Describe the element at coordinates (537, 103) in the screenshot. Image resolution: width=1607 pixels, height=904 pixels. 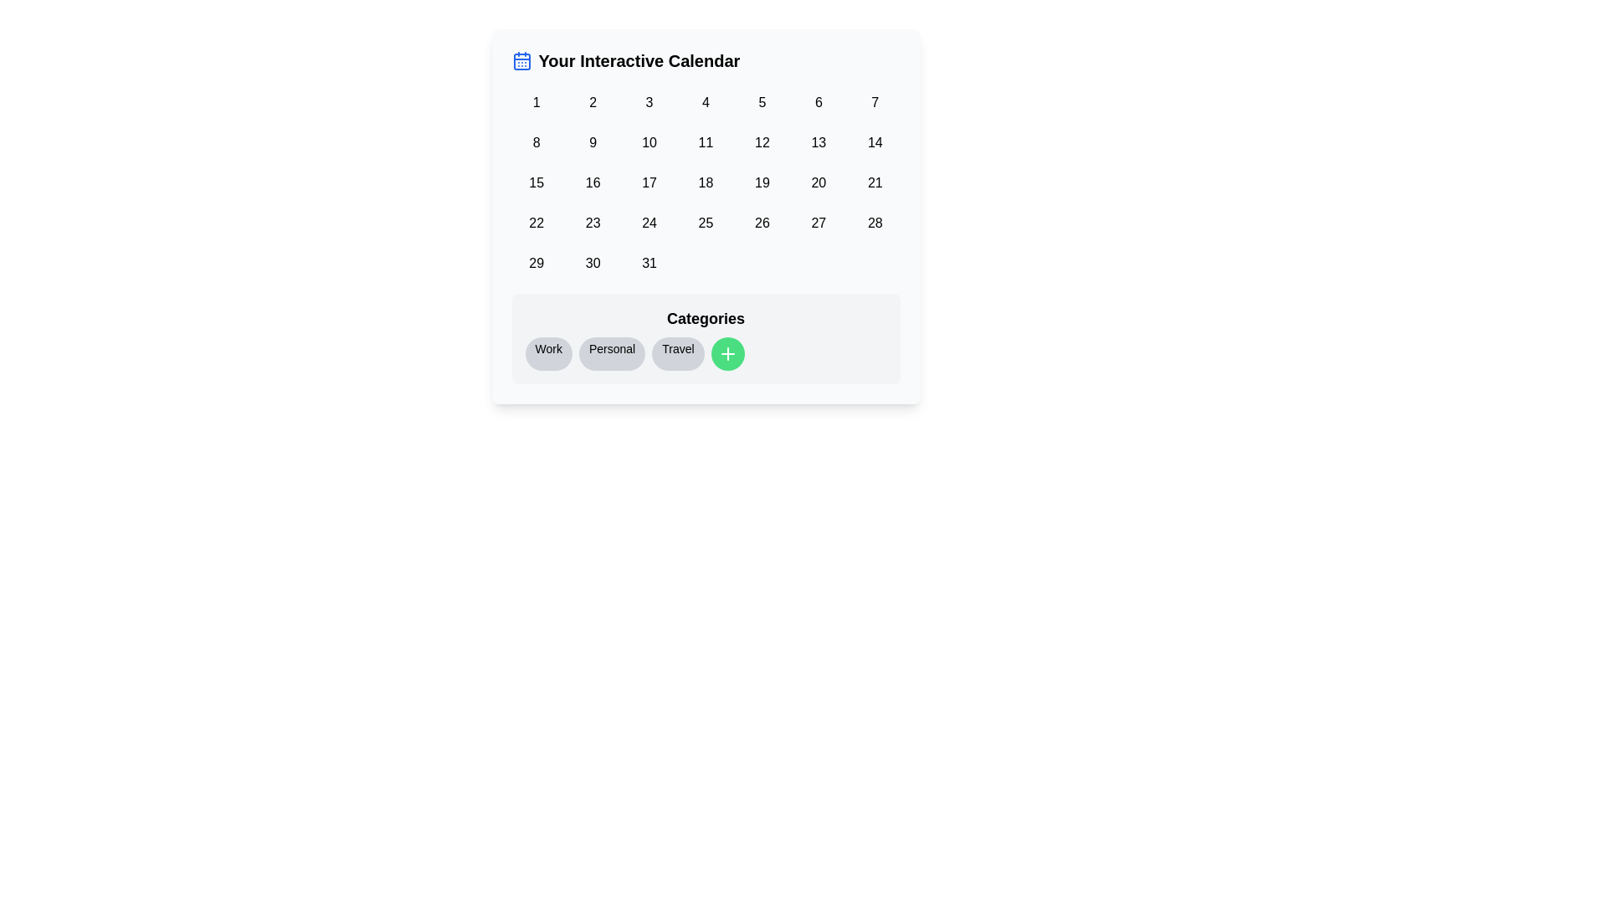
I see `the small rectangular button displaying the text '1' in a bold font, located in the first row, first column of the calendar grid` at that location.